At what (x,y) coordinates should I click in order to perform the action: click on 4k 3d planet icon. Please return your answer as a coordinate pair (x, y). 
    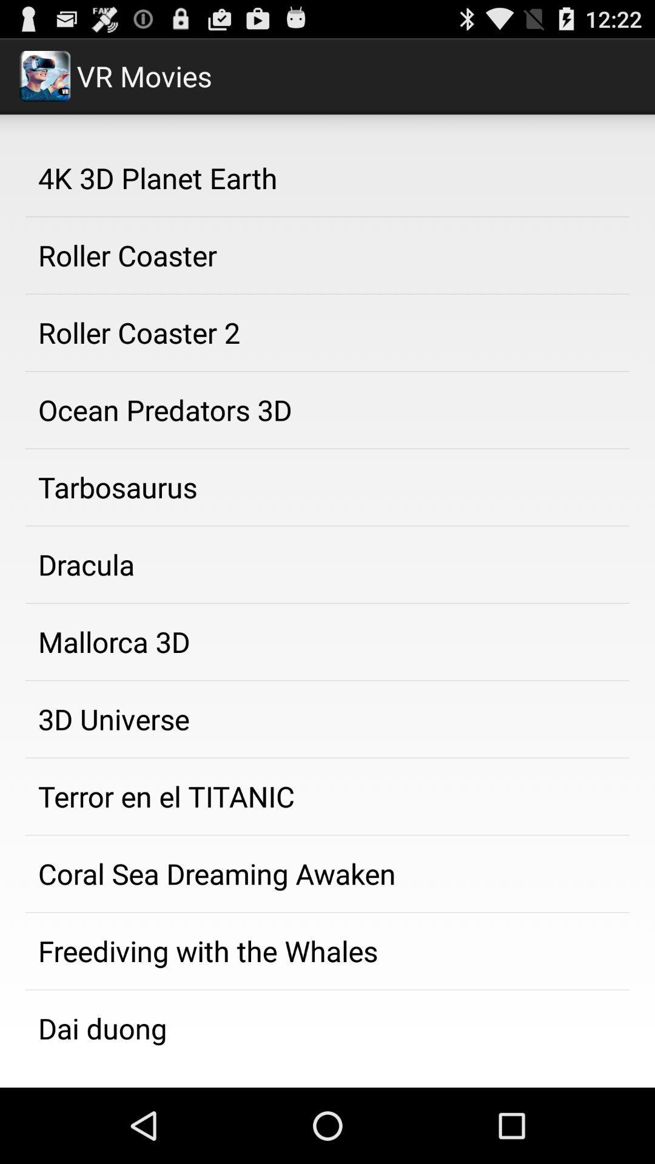
    Looking at the image, I should click on (327, 177).